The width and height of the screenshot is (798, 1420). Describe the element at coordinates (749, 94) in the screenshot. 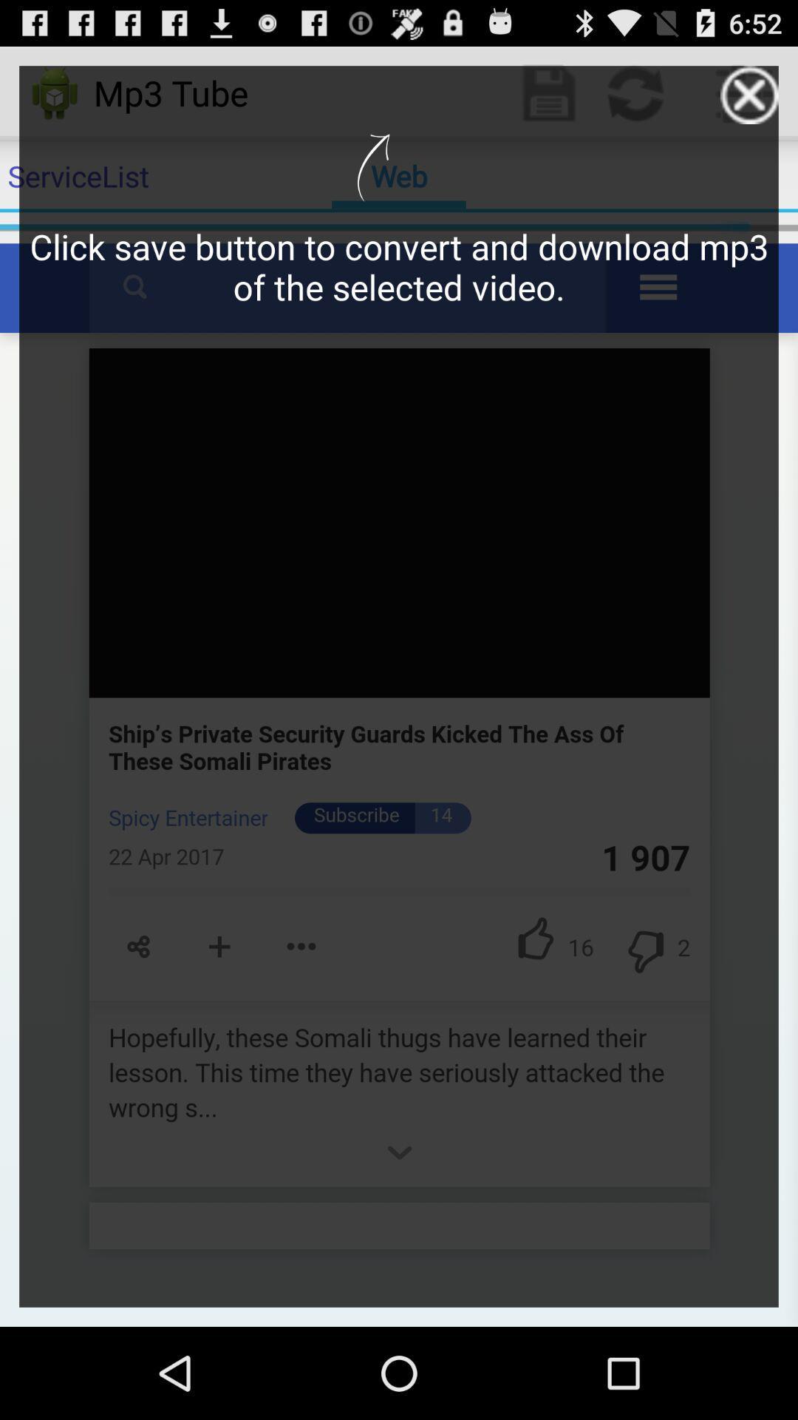

I see `video` at that location.